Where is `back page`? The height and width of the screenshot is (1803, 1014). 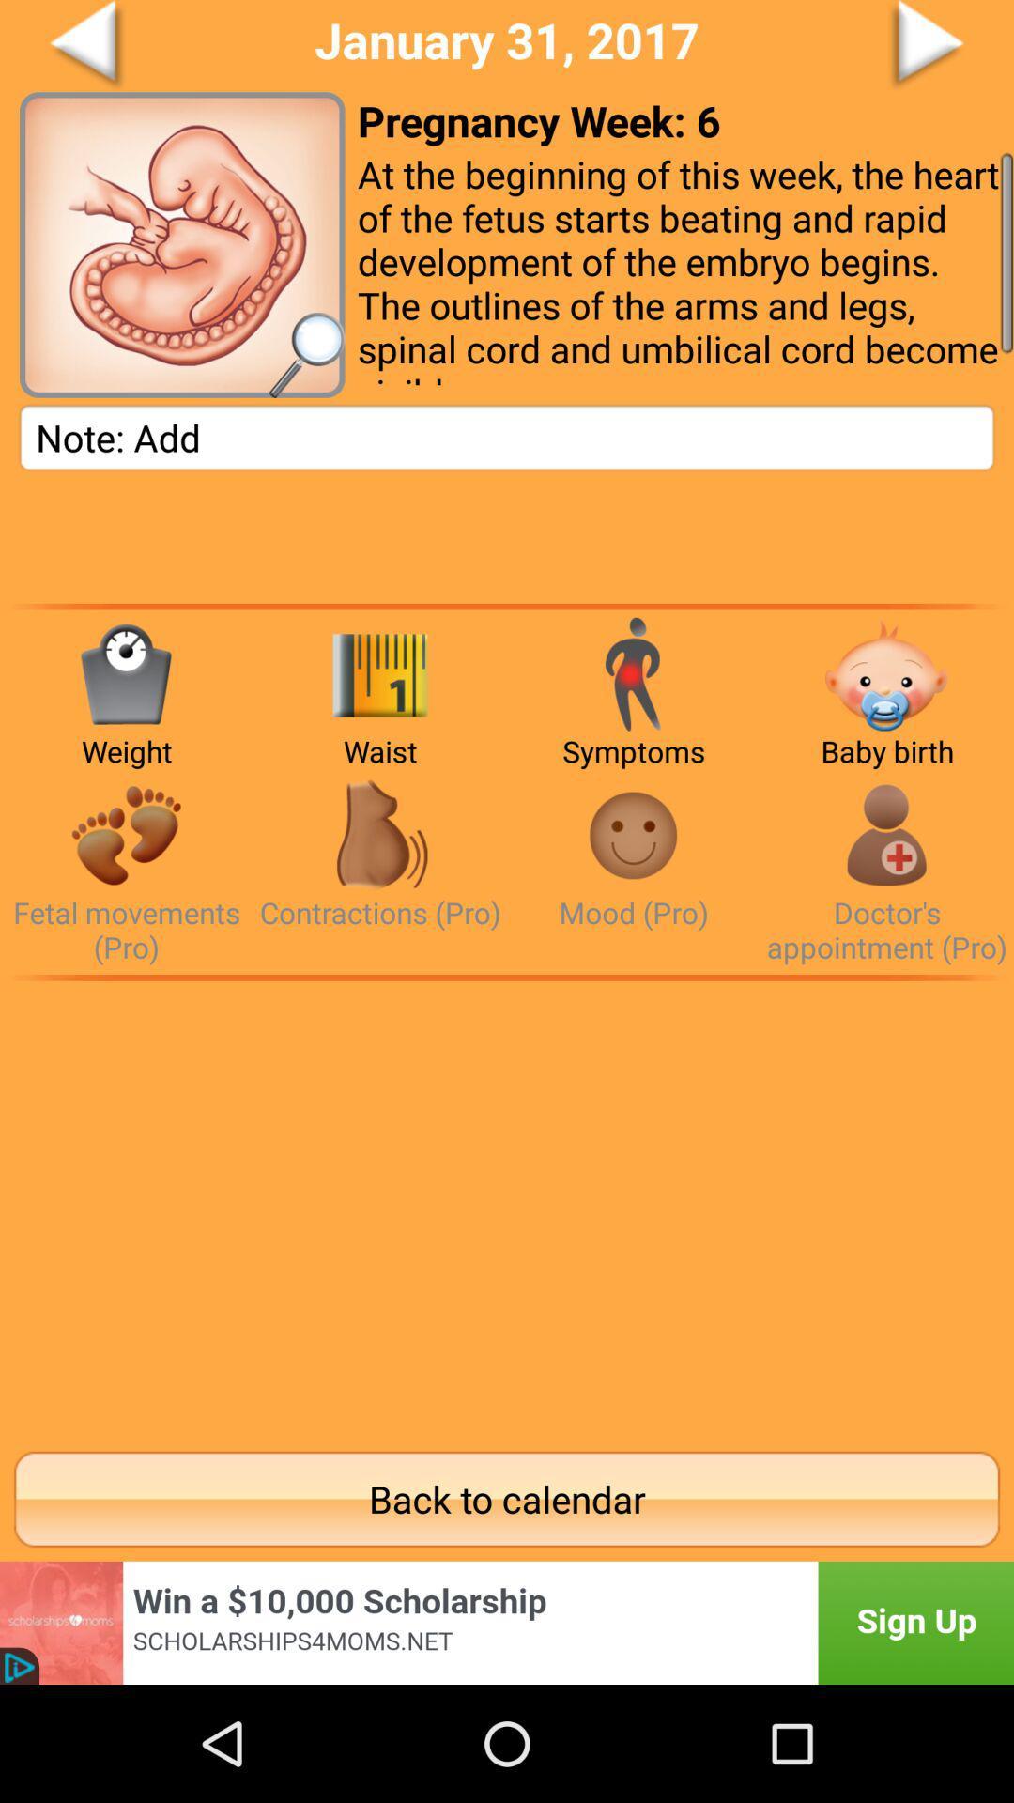 back page is located at coordinates (156, 46).